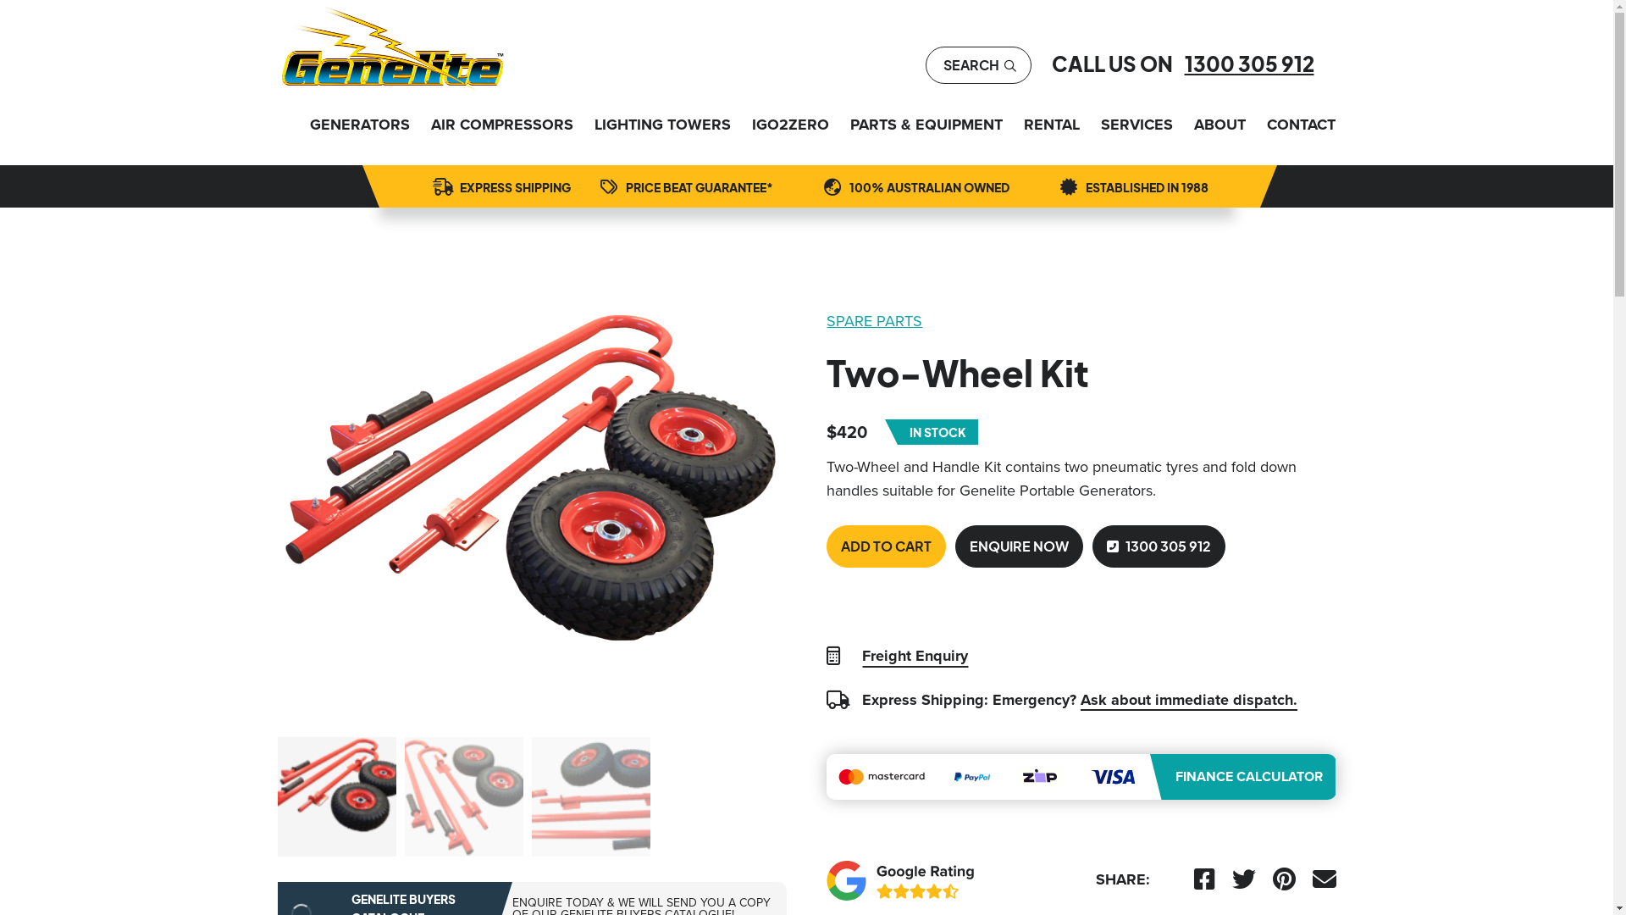 The height and width of the screenshot is (915, 1626). What do you see at coordinates (849, 123) in the screenshot?
I see `'PARTS & EQUIPMENT'` at bounding box center [849, 123].